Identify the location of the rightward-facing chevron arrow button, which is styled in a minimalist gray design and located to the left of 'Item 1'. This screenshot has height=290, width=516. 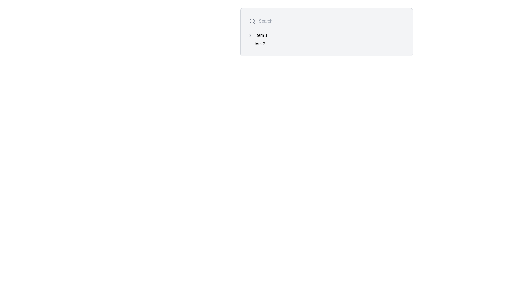
(250, 35).